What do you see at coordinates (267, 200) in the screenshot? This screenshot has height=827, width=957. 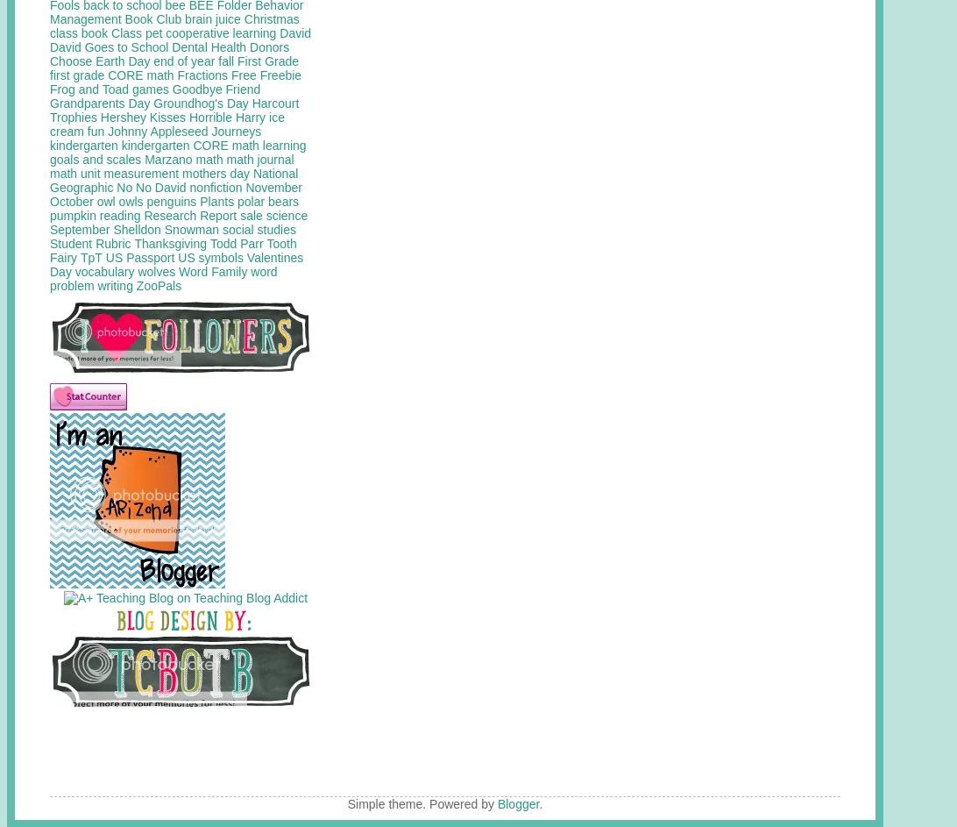 I see `'polar bears'` at bounding box center [267, 200].